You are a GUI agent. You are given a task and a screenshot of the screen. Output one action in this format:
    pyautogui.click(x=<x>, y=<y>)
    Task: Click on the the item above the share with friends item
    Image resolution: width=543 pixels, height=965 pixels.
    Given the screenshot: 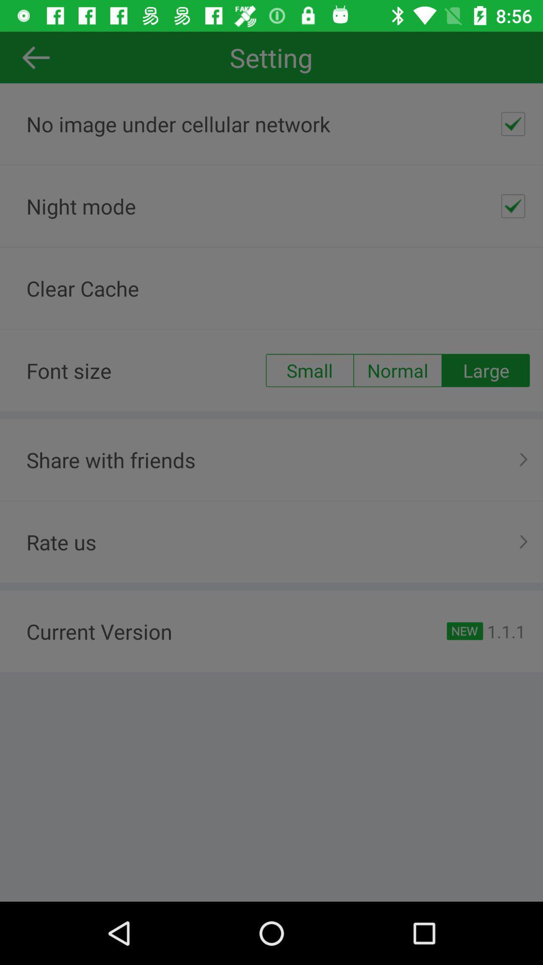 What is the action you would take?
    pyautogui.click(x=309, y=370)
    